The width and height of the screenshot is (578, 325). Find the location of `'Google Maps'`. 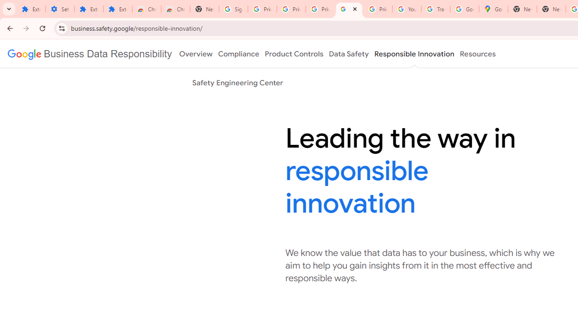

'Google Maps' is located at coordinates (493, 9).